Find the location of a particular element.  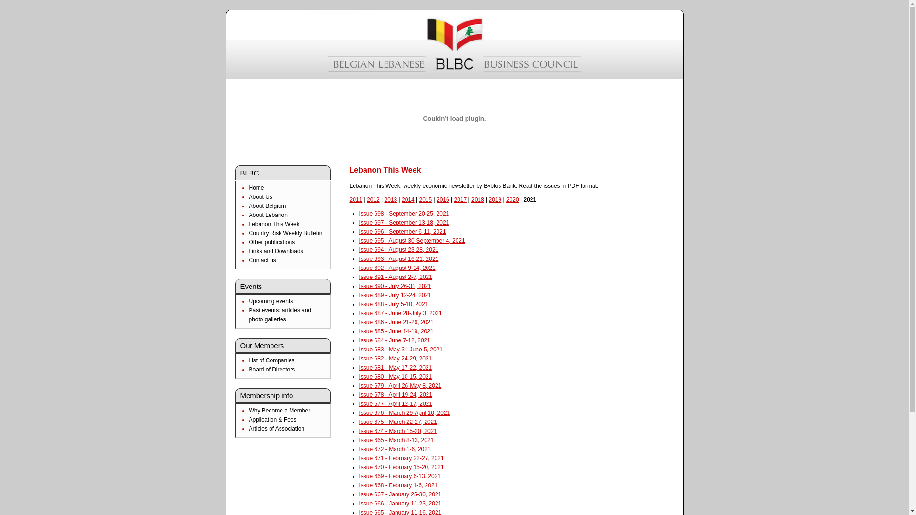

'Issue 666 - January 11-23, 2021' is located at coordinates (400, 503).